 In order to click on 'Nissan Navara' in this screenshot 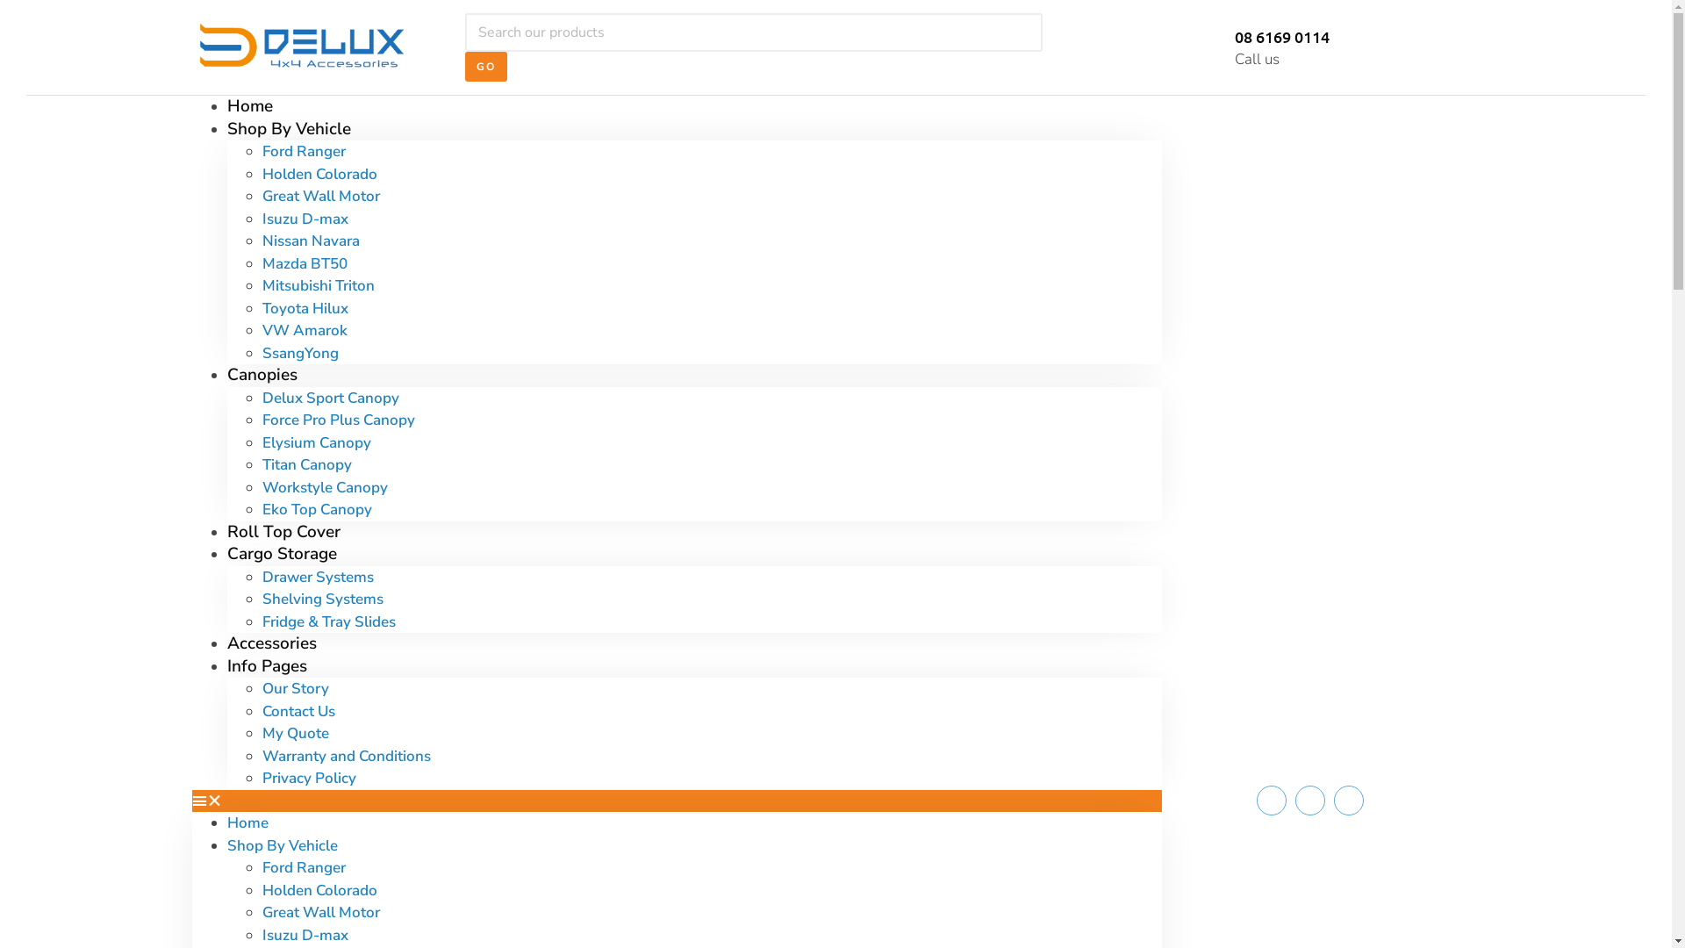, I will do `click(310, 241)`.